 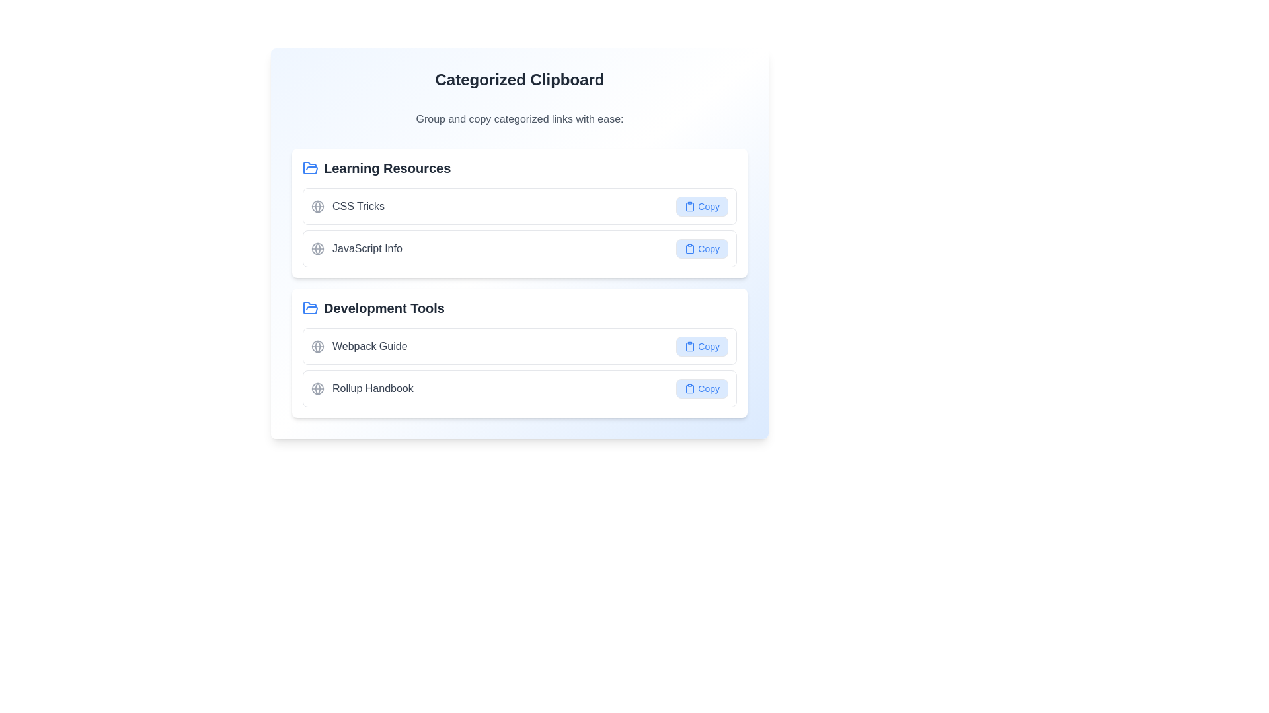 What do you see at coordinates (701, 206) in the screenshot?
I see `the 'Copy' button with rounded edges and a blue background, located in the 'CSS Tricks' item of the 'Learning Resources' group` at bounding box center [701, 206].